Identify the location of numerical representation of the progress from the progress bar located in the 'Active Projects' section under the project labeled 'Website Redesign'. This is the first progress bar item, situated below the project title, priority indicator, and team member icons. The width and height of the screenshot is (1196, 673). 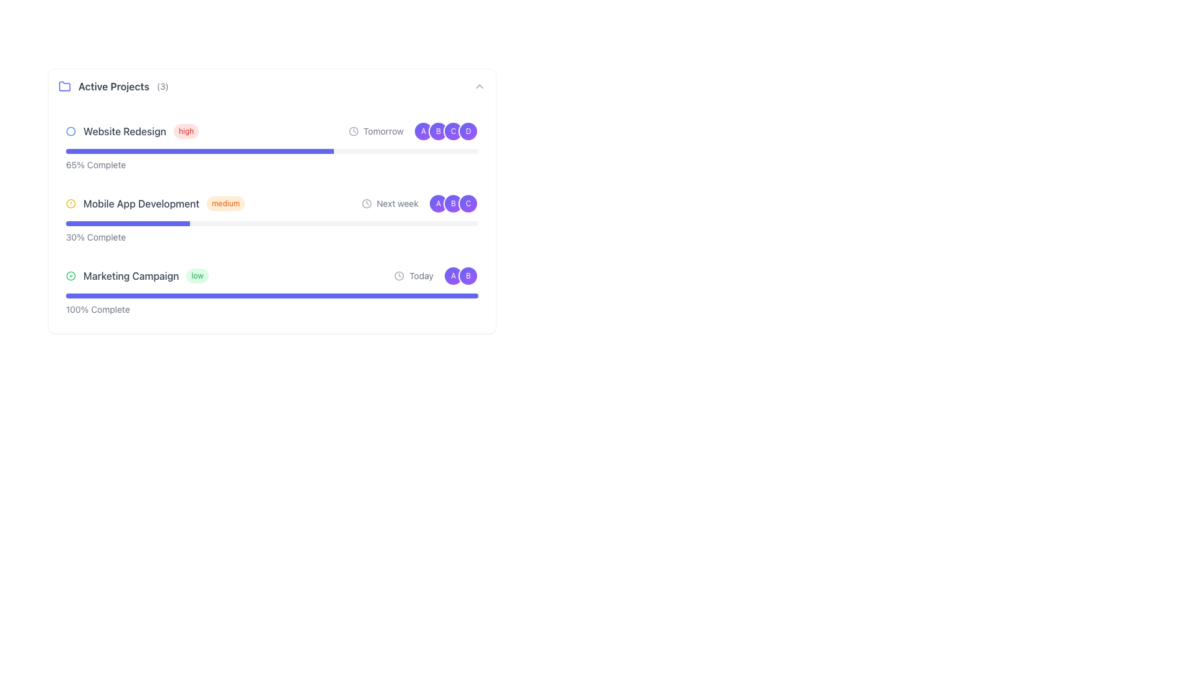
(271, 160).